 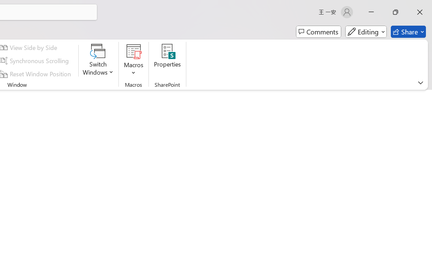 What do you see at coordinates (167, 60) in the screenshot?
I see `'Properties'` at bounding box center [167, 60].